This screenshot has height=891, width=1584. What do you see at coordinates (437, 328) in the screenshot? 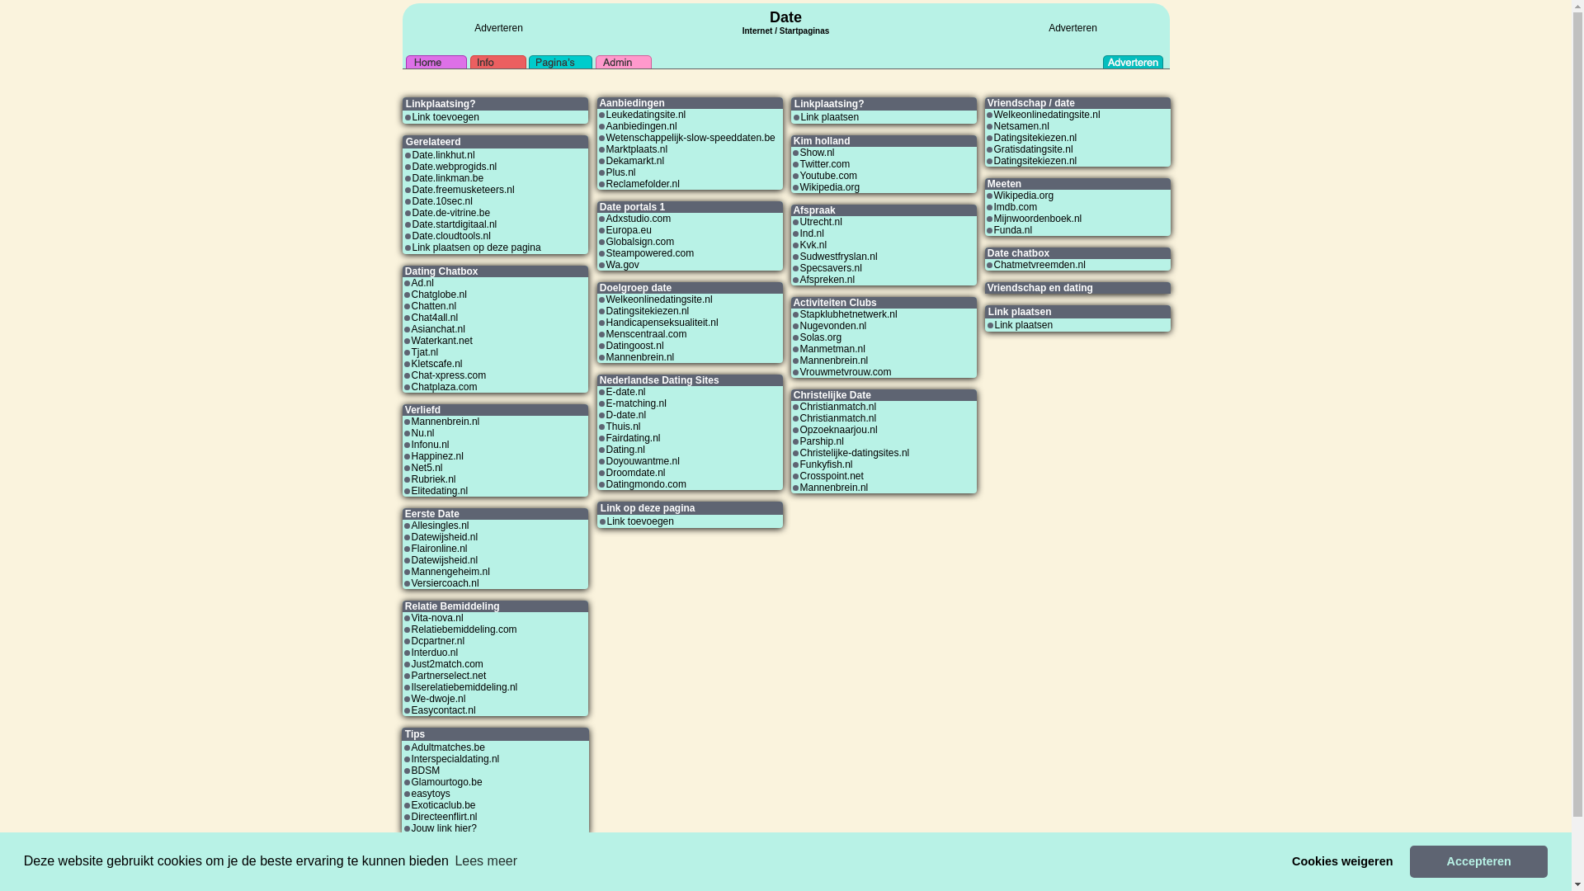
I see `'Asianchat.nl'` at bounding box center [437, 328].